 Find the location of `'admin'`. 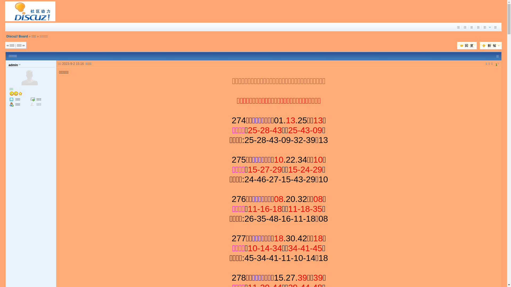

'admin' is located at coordinates (7, 64).